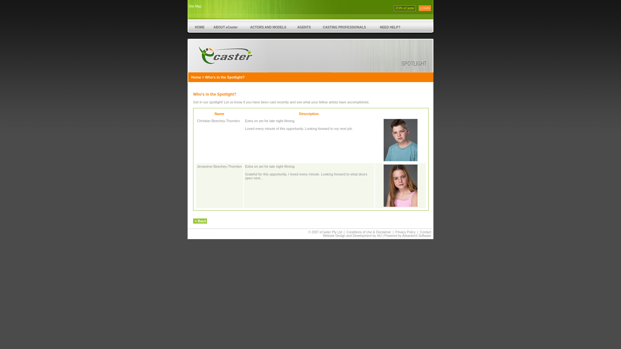  I want to click on ' CASTING PROFESSIONALS ', so click(344, 26).